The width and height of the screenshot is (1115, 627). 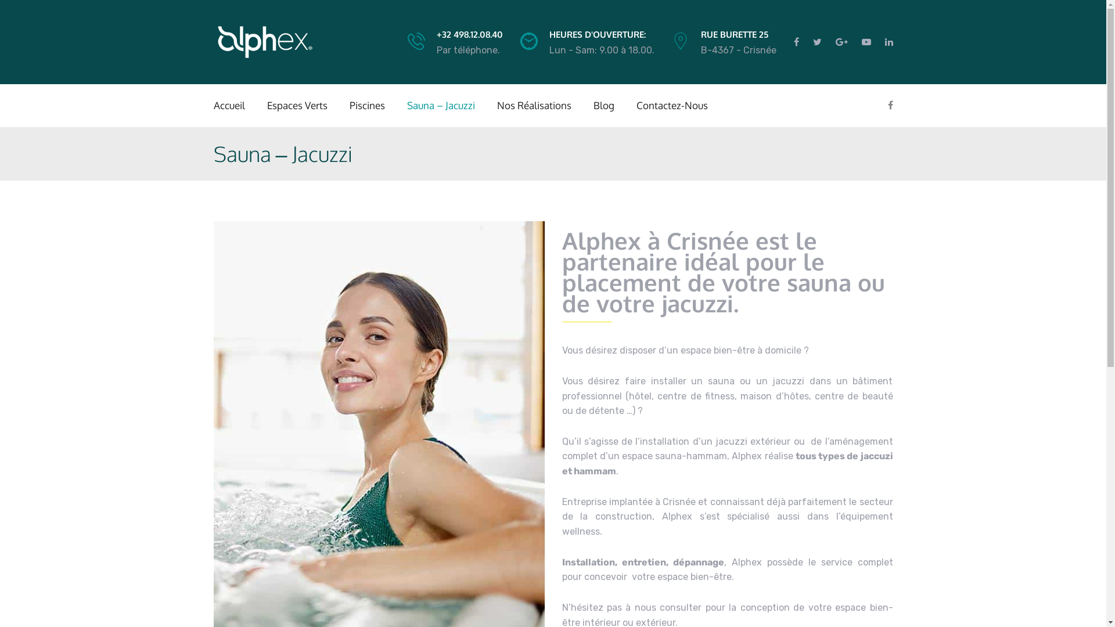 I want to click on 'Piscines', so click(x=366, y=105).